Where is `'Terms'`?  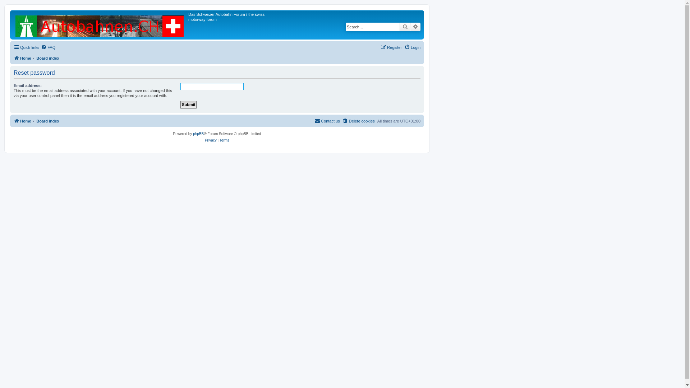 'Terms' is located at coordinates (224, 140).